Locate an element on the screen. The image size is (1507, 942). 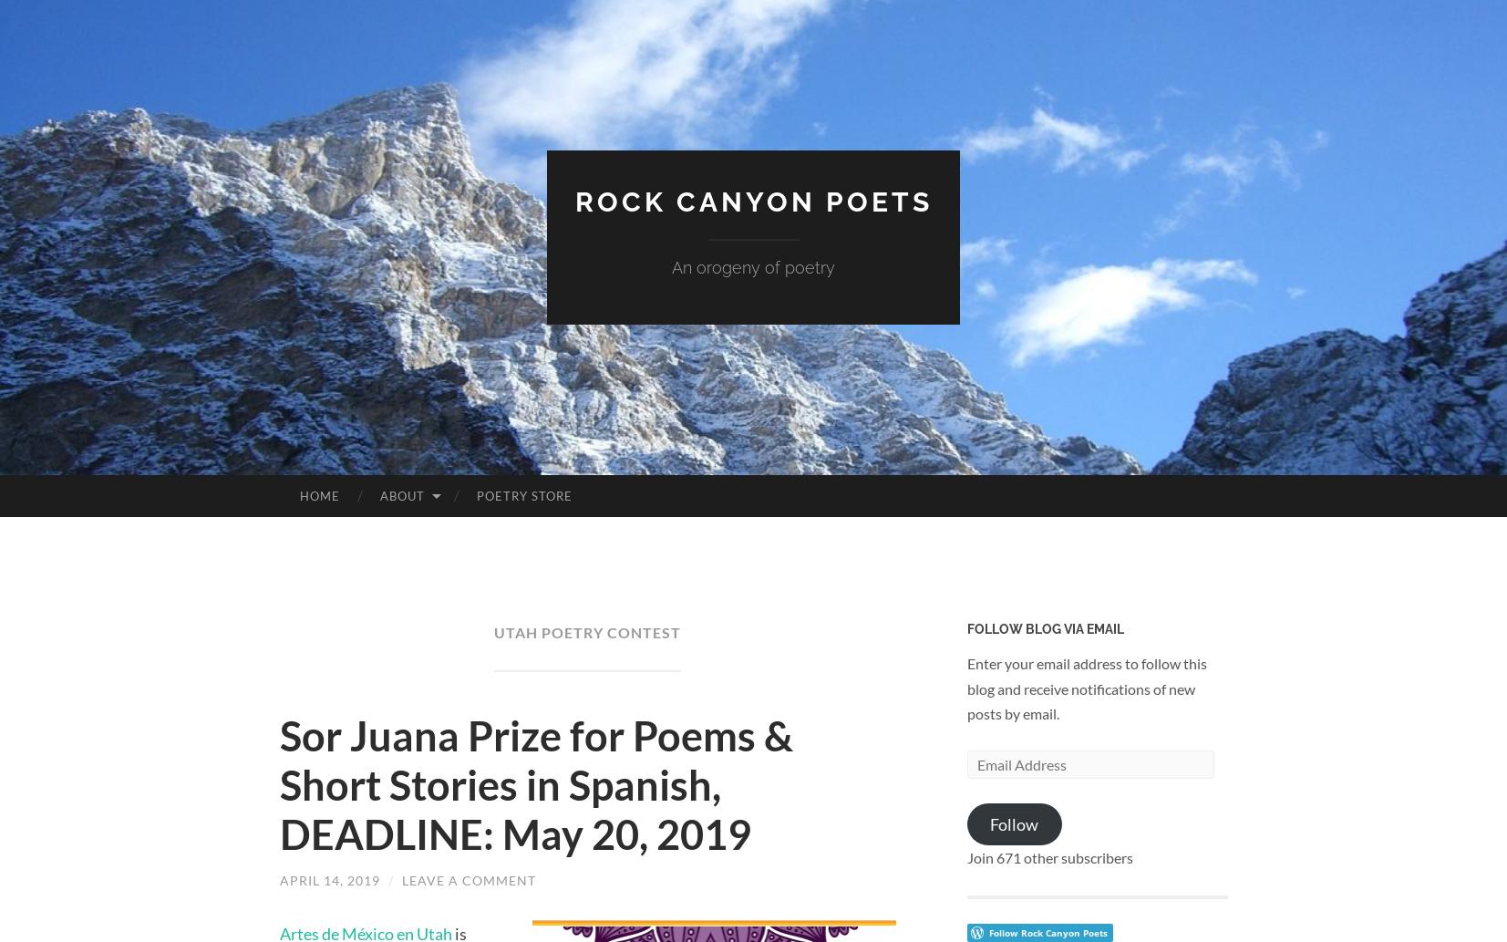
'Enter your email address to follow this blog and receive notifications of new posts by email.' is located at coordinates (1086, 688).